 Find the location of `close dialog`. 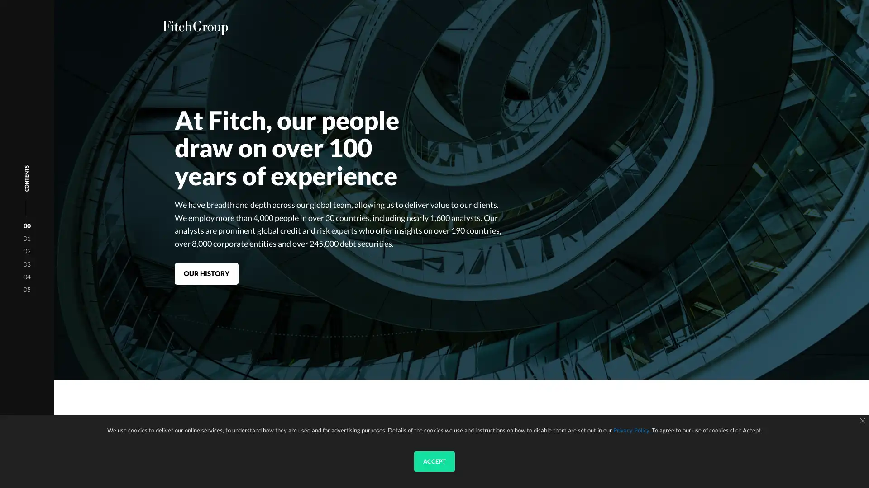

close dialog is located at coordinates (862, 421).